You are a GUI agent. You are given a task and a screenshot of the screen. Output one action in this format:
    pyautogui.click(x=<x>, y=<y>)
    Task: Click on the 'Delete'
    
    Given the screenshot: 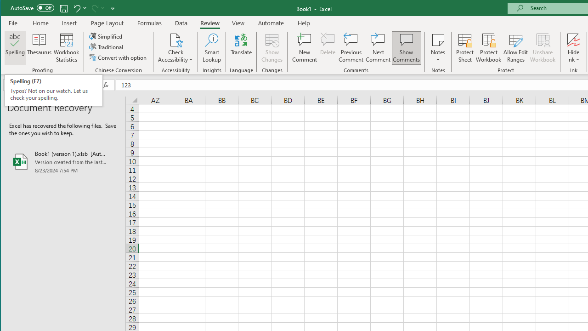 What is the action you would take?
    pyautogui.click(x=328, y=48)
    